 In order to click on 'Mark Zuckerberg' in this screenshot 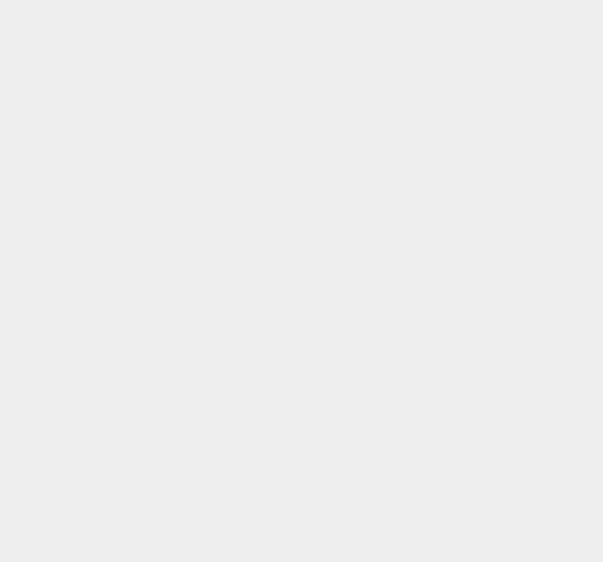, I will do `click(454, 436)`.